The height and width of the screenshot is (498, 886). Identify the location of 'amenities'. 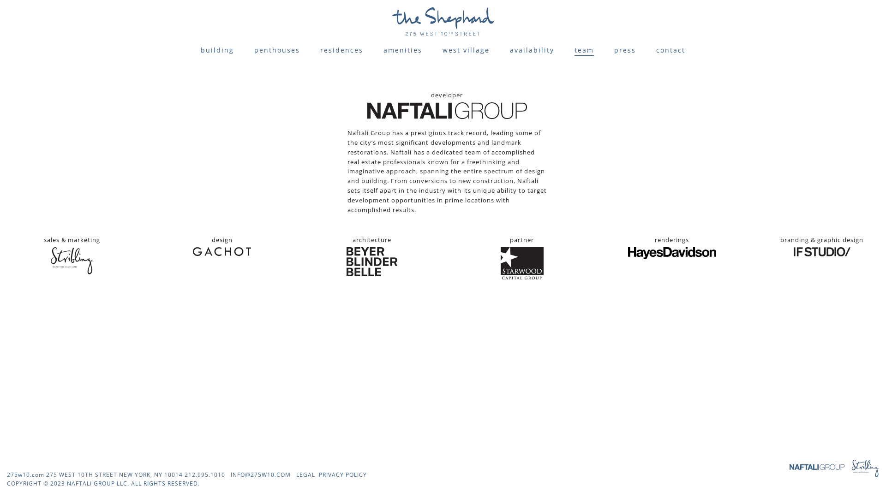
(403, 50).